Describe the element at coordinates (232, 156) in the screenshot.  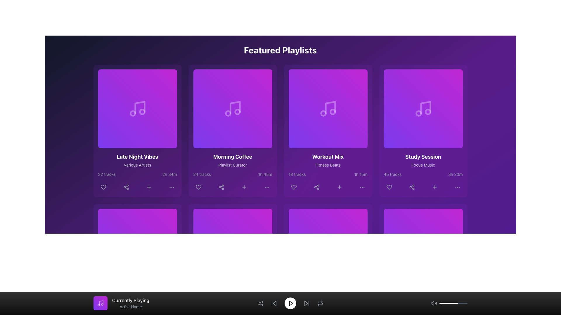
I see `the 'Morning Coffee' text label, which is displayed in a bold, white, large font style within a gradient card structure representing a playlist` at that location.